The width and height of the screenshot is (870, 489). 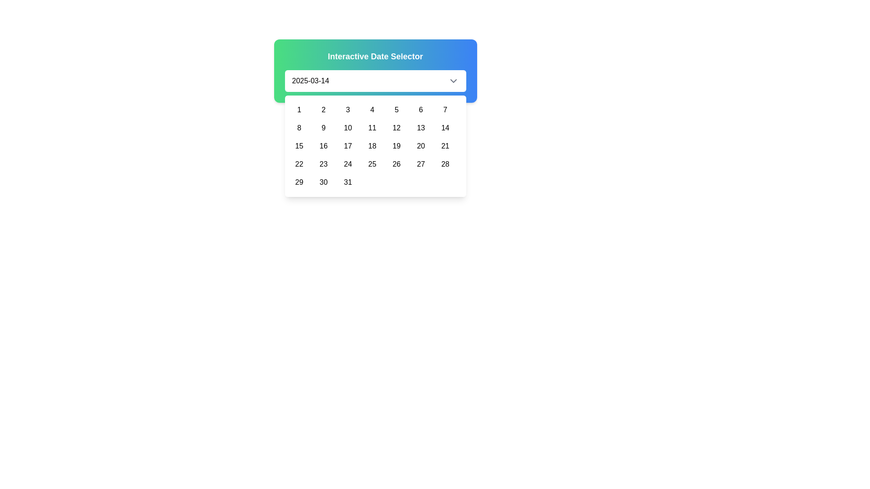 I want to click on the button displaying the number '17' in bold text within the calendar grid, so click(x=348, y=146).